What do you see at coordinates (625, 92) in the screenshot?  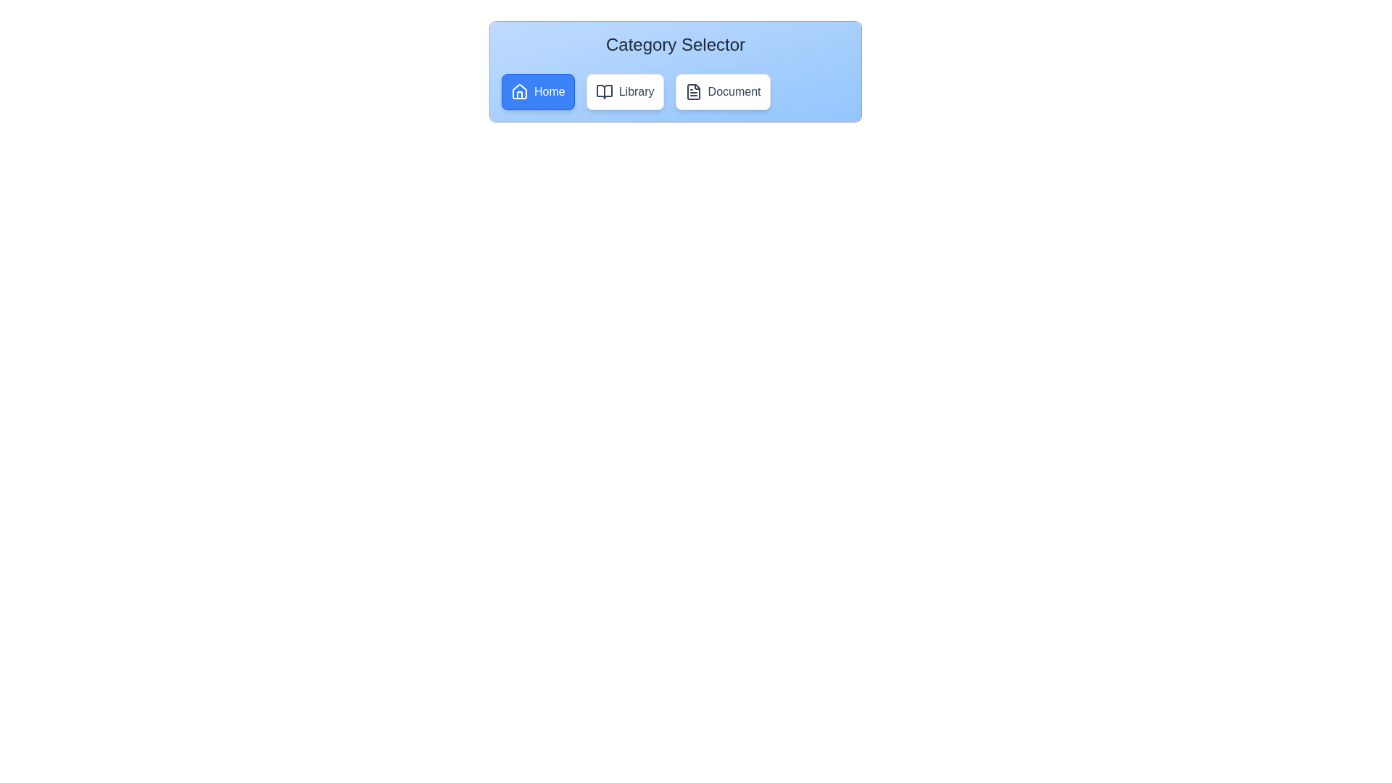 I see `the category Library from the available options` at bounding box center [625, 92].